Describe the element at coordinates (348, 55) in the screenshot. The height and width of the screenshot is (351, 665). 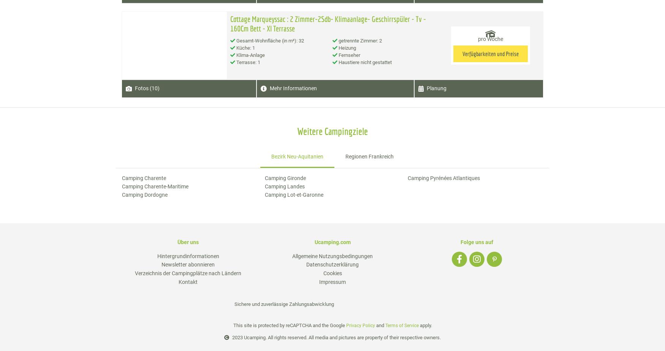
I see `'Fernseher'` at that location.